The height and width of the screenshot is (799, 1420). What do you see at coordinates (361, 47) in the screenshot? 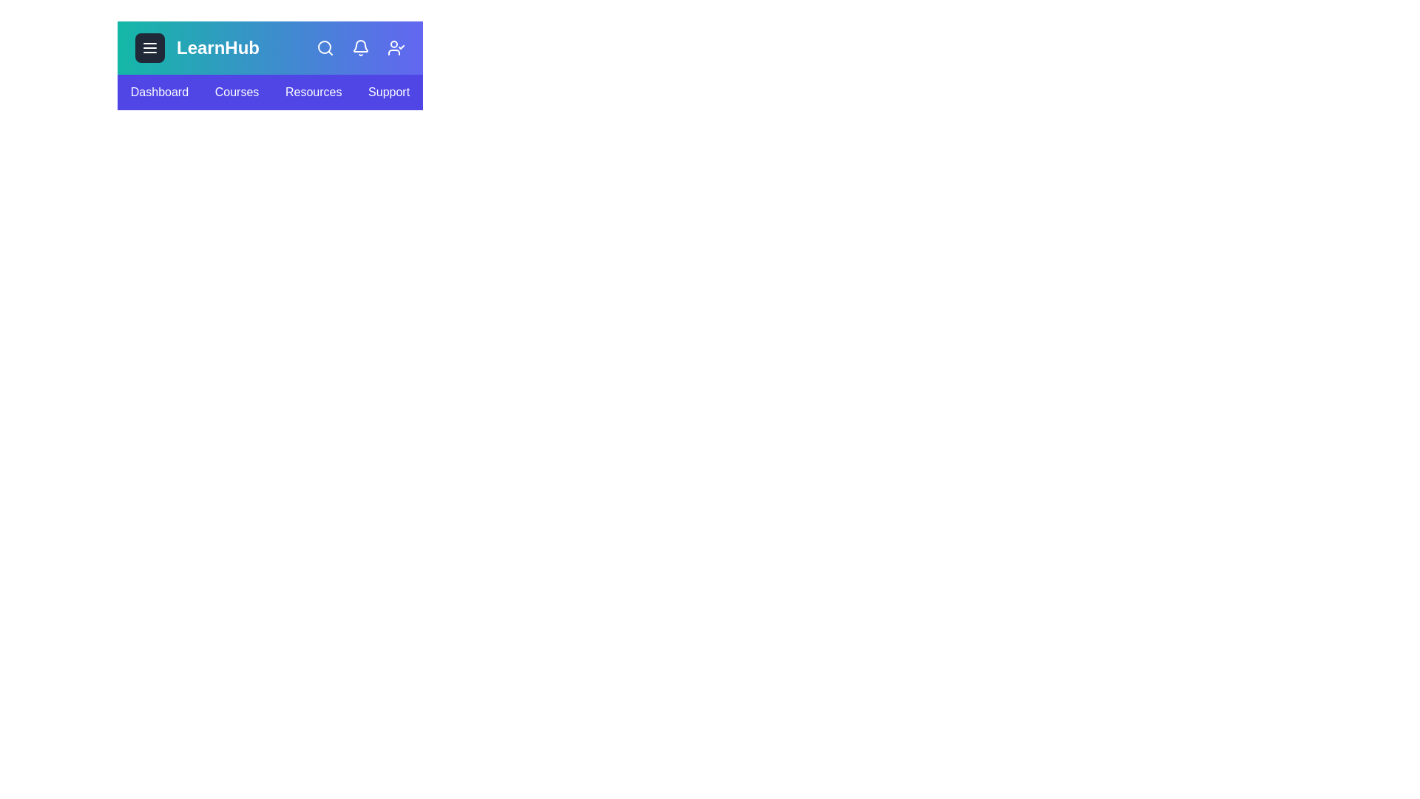
I see `the icon Notifications to perform its action` at bounding box center [361, 47].